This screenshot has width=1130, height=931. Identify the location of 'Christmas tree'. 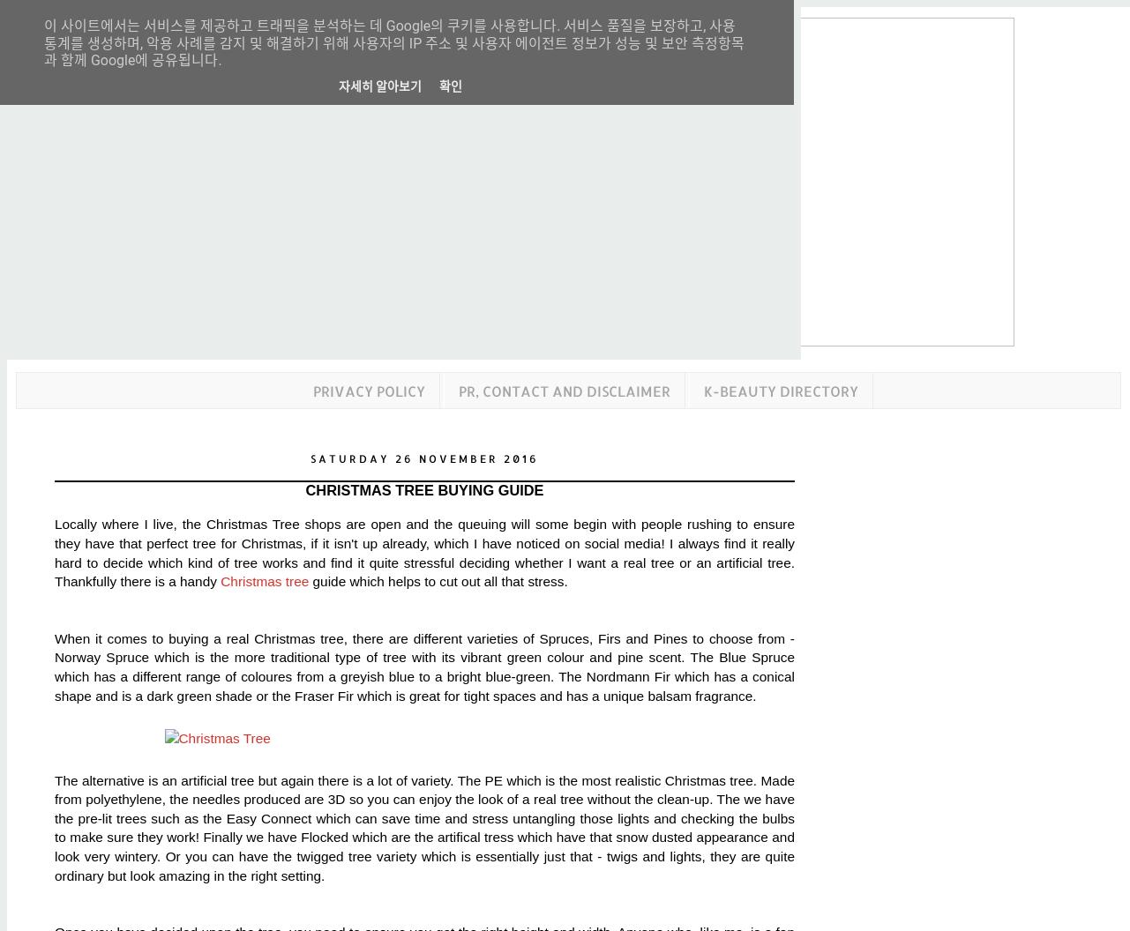
(264, 580).